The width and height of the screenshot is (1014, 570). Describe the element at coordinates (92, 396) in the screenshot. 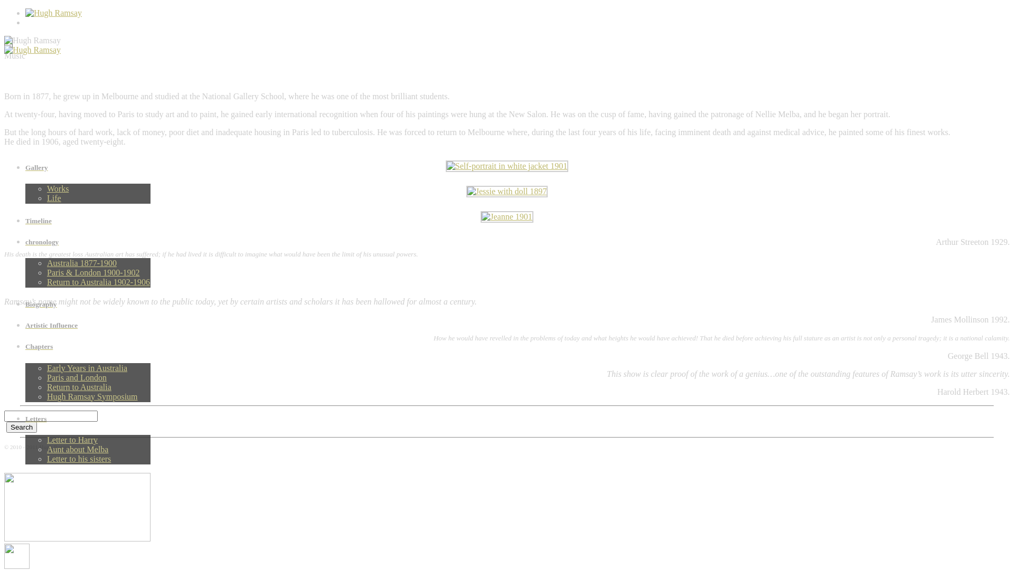

I see `'Hugh Ramsay Symposium'` at that location.